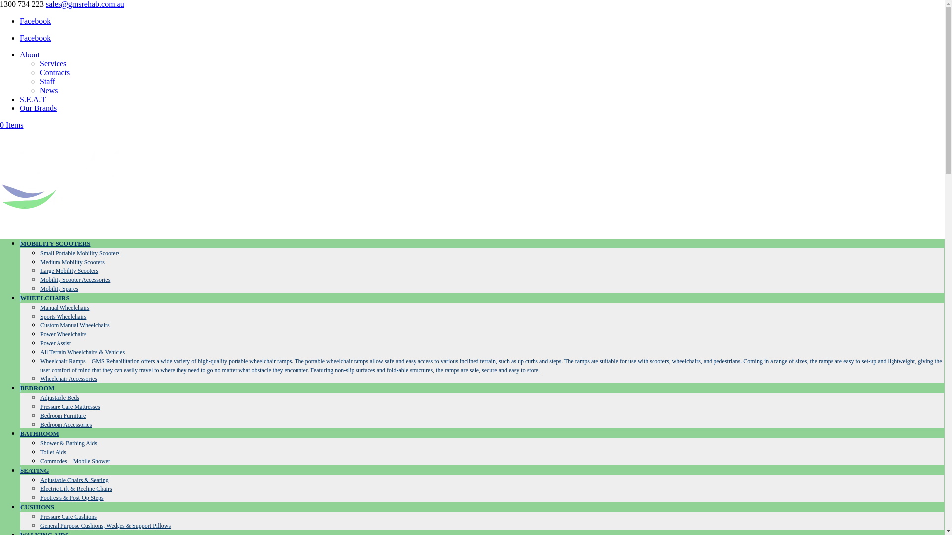  What do you see at coordinates (71, 498) in the screenshot?
I see `'Footrests & Post-Op Steps'` at bounding box center [71, 498].